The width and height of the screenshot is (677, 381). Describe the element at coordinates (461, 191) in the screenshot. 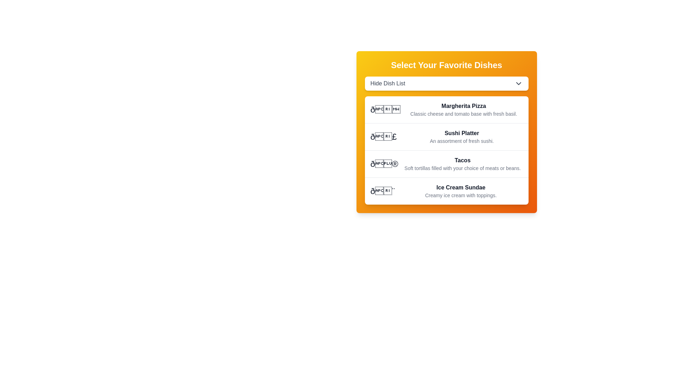

I see `the fourth item in the 'Select Your Favorite Dishes' section, which displays the name and description of a dessert` at that location.